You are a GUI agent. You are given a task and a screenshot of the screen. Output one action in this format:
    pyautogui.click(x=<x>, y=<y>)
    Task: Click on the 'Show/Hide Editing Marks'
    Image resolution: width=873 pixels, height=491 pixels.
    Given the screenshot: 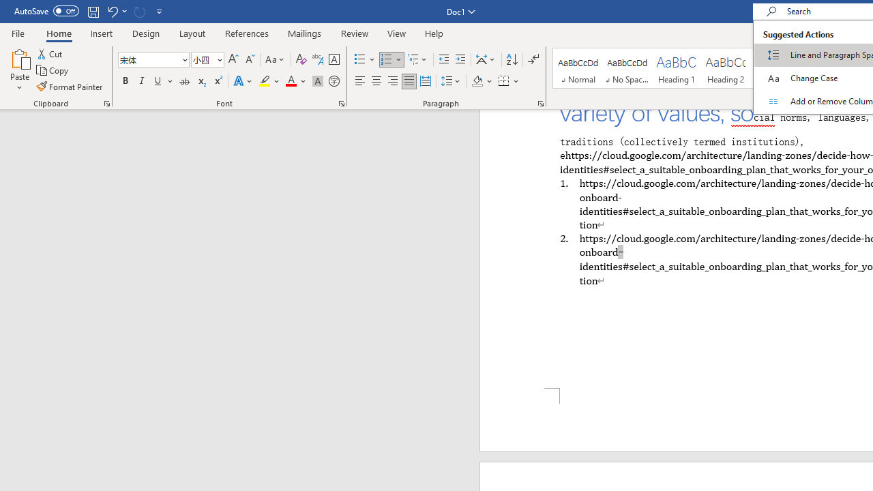 What is the action you would take?
    pyautogui.click(x=533, y=59)
    